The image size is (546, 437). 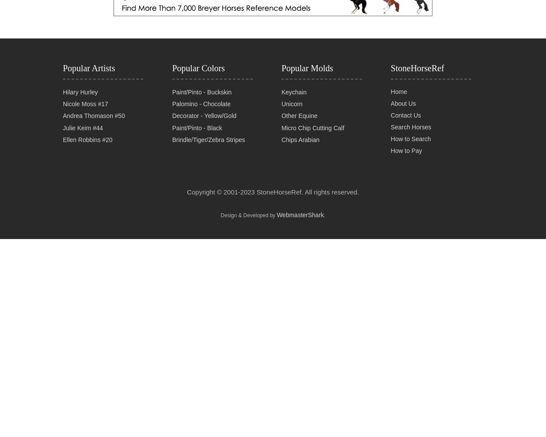 What do you see at coordinates (403, 103) in the screenshot?
I see `'About Us'` at bounding box center [403, 103].